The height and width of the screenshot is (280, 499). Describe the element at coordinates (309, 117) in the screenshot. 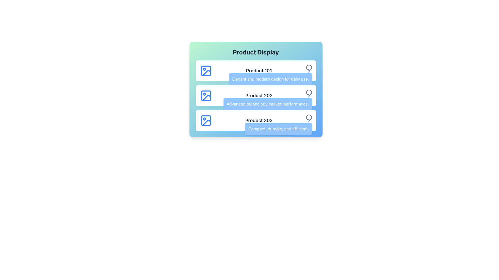

I see `the SVG Circle that serves as the circular boundary of the information icon located to the far right of the 'Product 303' section` at that location.